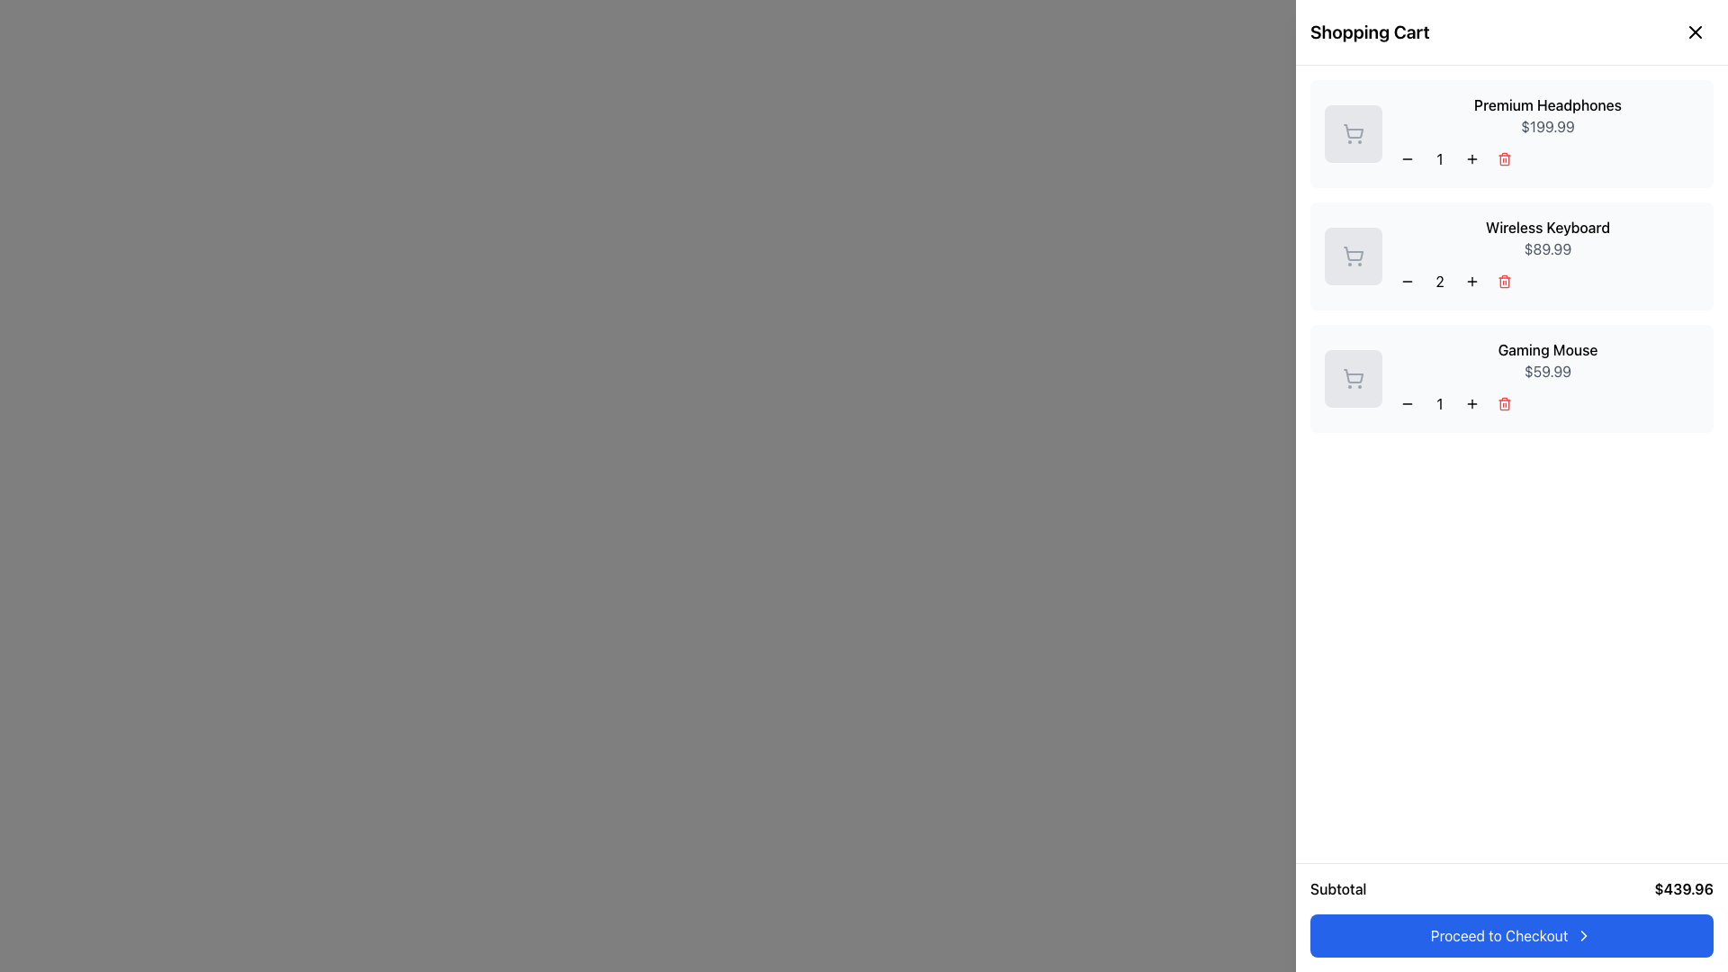  Describe the element at coordinates (1512, 935) in the screenshot. I see `the 'Proceed to Checkout' button with a blue background and rounded corners located at the lower section of the shopping cart panel` at that location.